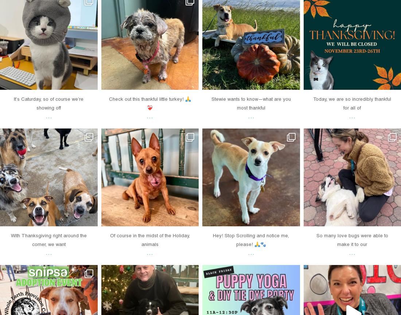  What do you see at coordinates (48, 103) in the screenshot?
I see `'It’s Caturday, so of course we’re showing off'` at bounding box center [48, 103].